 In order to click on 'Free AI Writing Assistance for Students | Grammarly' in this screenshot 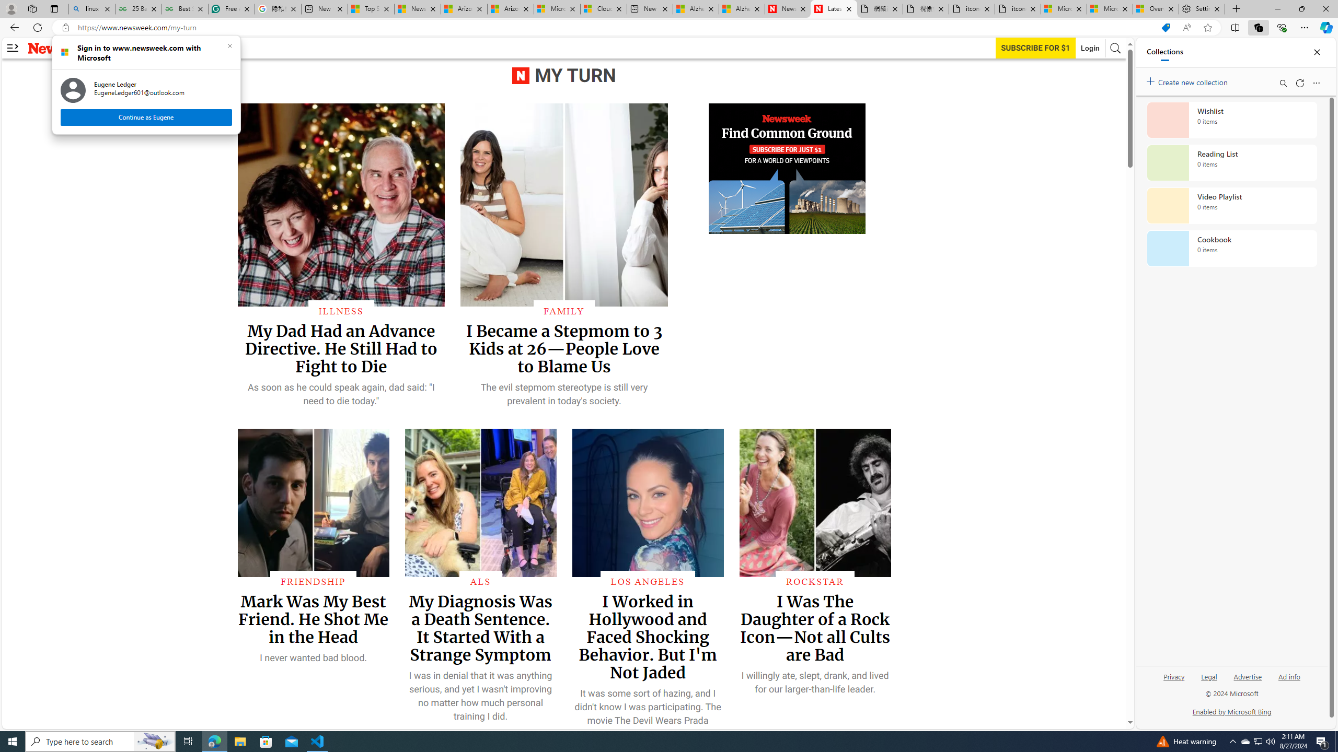, I will do `click(230, 8)`.